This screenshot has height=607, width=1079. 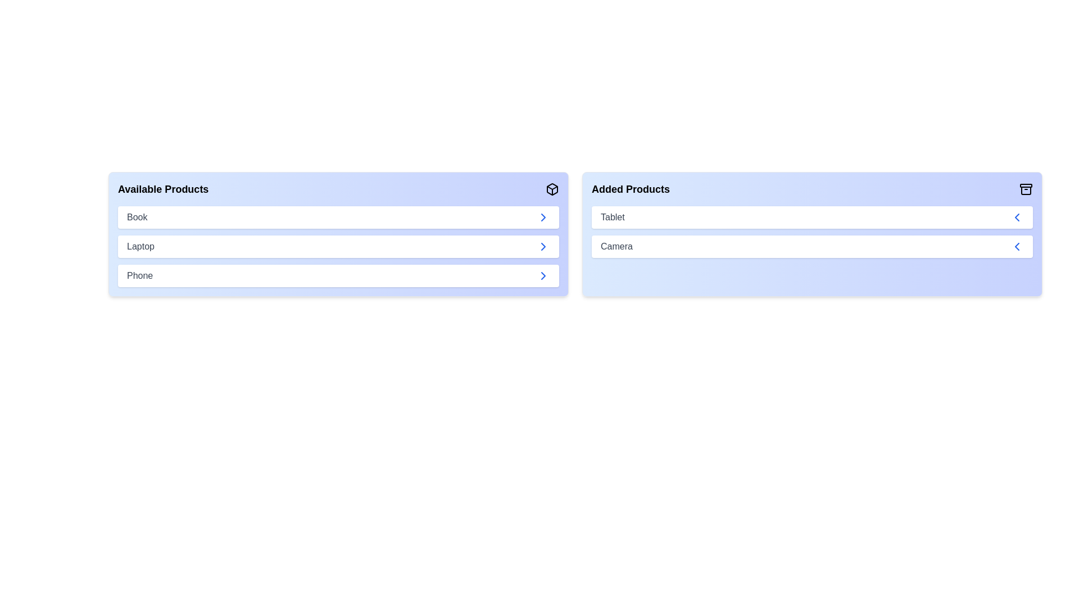 What do you see at coordinates (543, 275) in the screenshot?
I see `right arrow button next to the product 'Phone' in the 'Available Products' list to transfer it to the 'Added Products' list` at bounding box center [543, 275].